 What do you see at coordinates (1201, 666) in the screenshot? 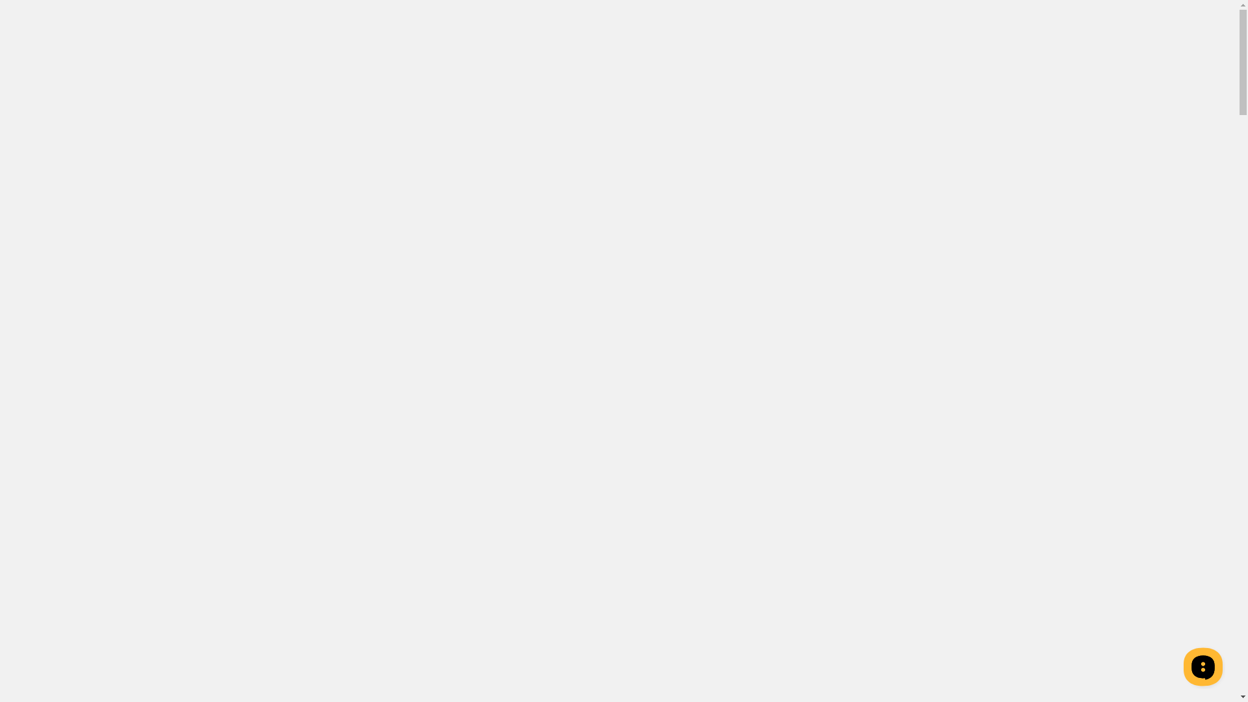
I see `'__replain_widget_iframe'` at bounding box center [1201, 666].